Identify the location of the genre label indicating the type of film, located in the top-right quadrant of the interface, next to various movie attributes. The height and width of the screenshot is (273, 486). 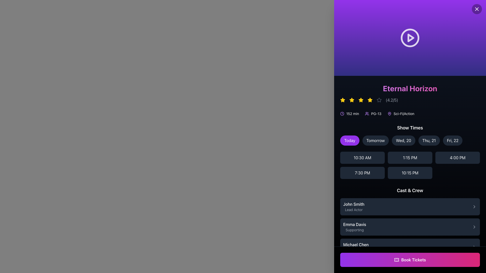
(403, 114).